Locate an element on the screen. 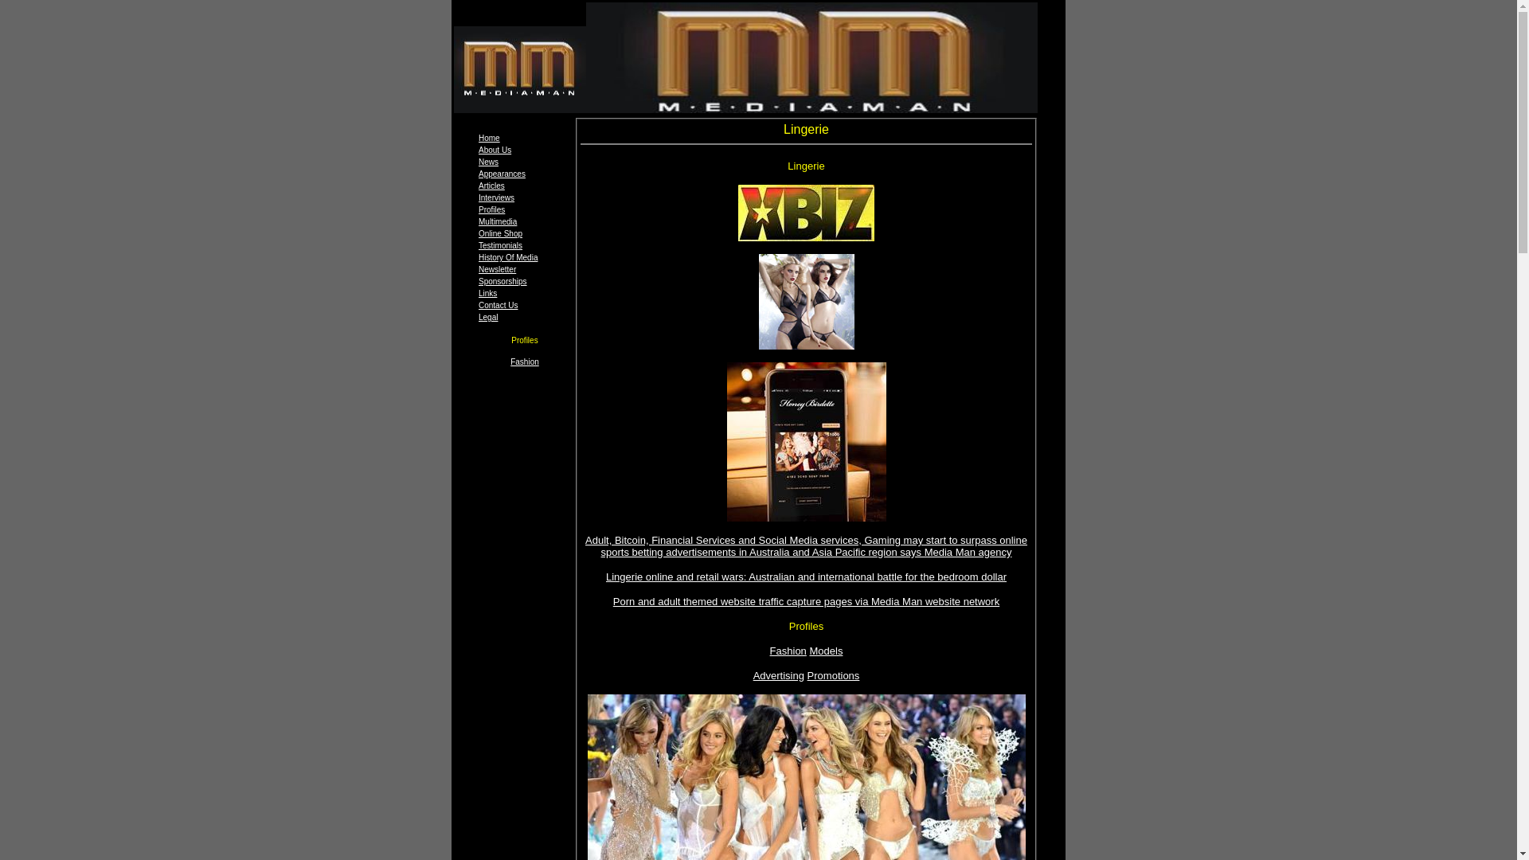  'Appearances' is located at coordinates (501, 174).